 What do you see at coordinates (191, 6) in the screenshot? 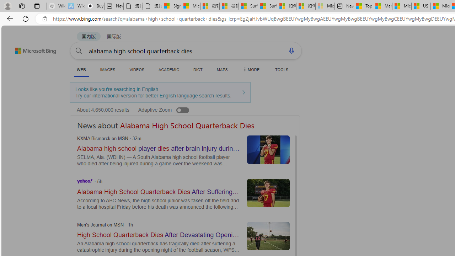
I see `'Microsoft Services Agreement'` at bounding box center [191, 6].